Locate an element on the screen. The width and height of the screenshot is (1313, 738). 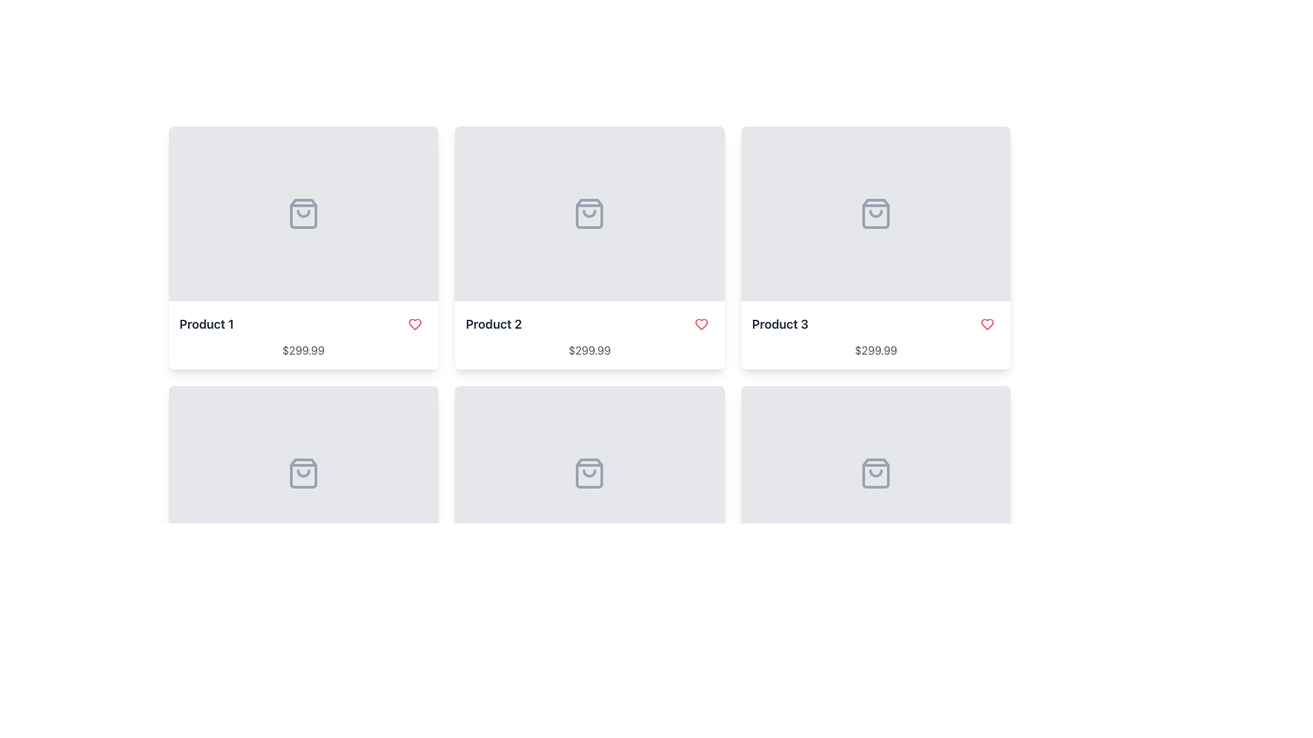
curved line element of the shopping bag icon, which is styled with a light gray stroke and positioned centrally within the icon is located at coordinates (589, 213).